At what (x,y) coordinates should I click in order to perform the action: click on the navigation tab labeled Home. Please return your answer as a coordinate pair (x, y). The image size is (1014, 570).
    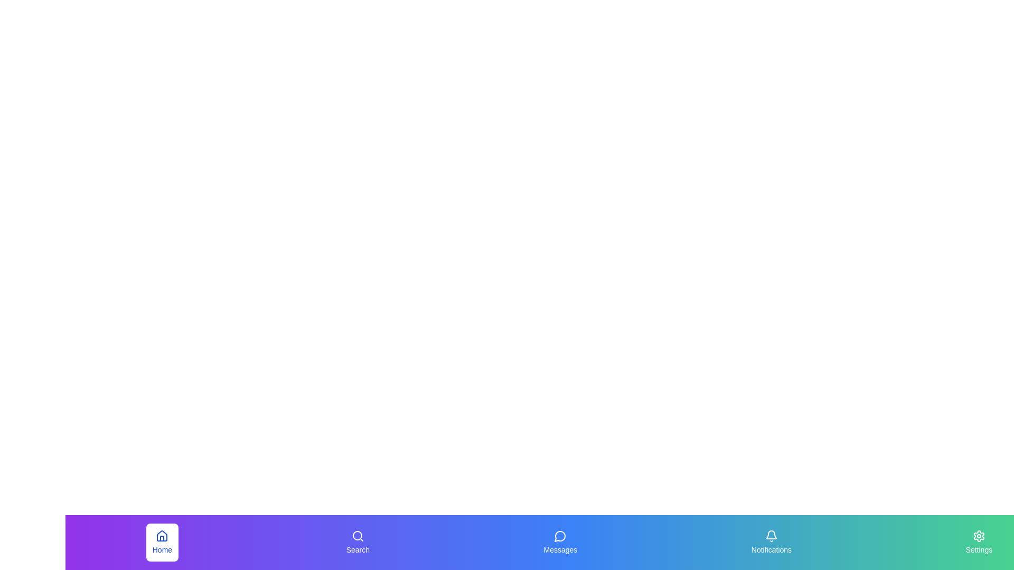
    Looking at the image, I should click on (162, 543).